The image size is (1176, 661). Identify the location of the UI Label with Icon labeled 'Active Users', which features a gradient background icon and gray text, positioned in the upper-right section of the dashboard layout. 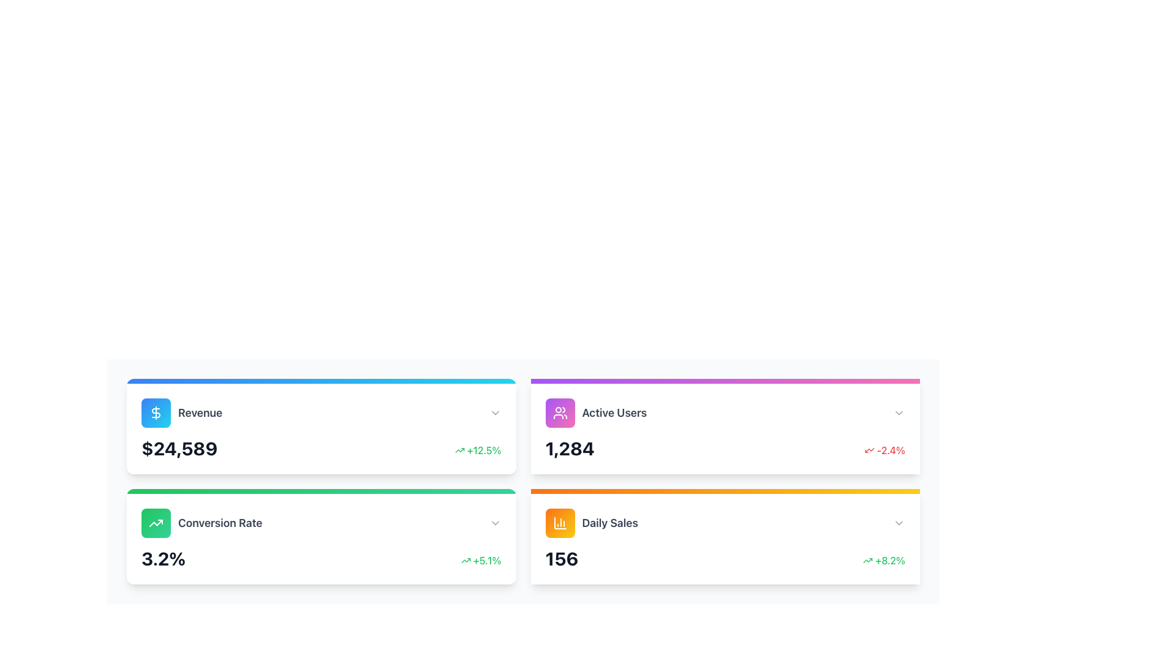
(596, 413).